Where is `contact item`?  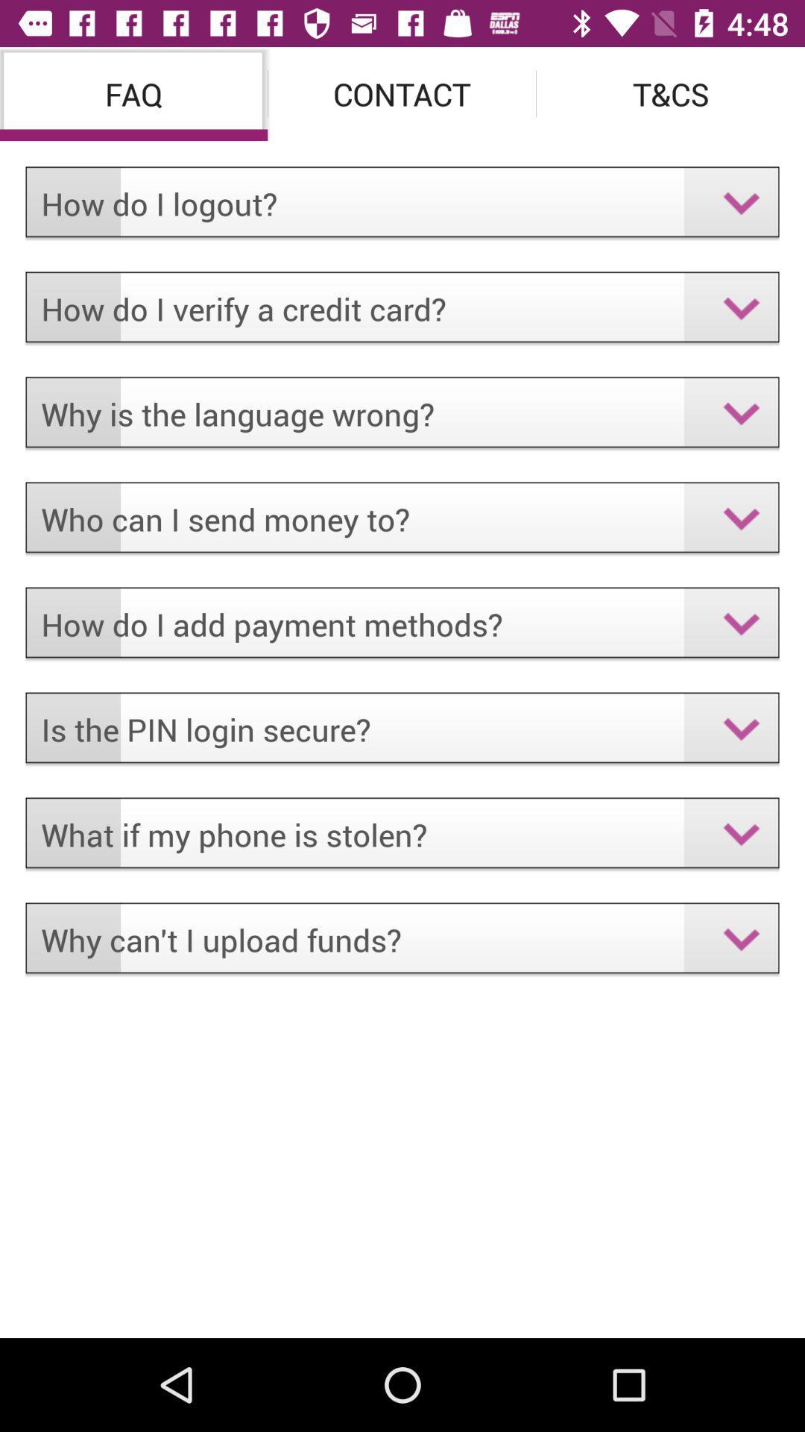 contact item is located at coordinates (401, 92).